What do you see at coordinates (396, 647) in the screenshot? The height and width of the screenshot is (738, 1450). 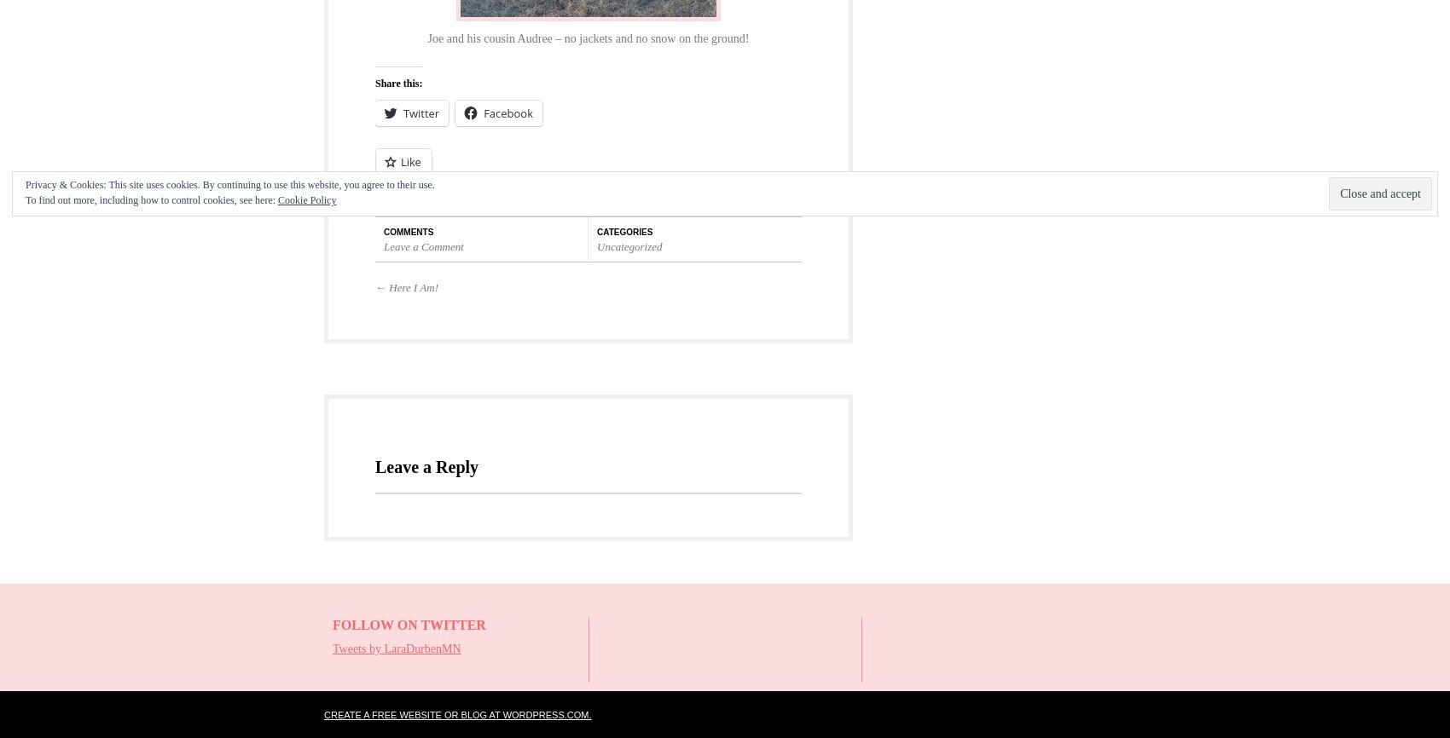 I see `'Tweets by LaraDurbenMN'` at bounding box center [396, 647].